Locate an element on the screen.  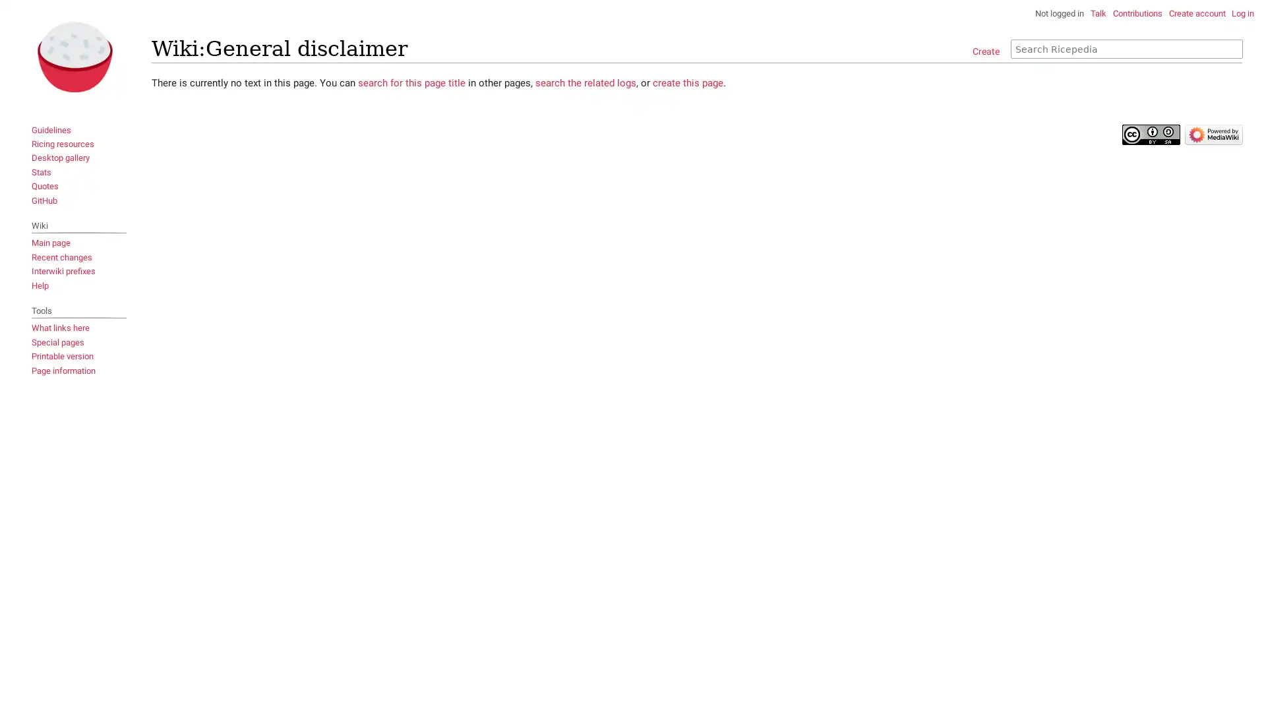
Search is located at coordinates (1232, 47).